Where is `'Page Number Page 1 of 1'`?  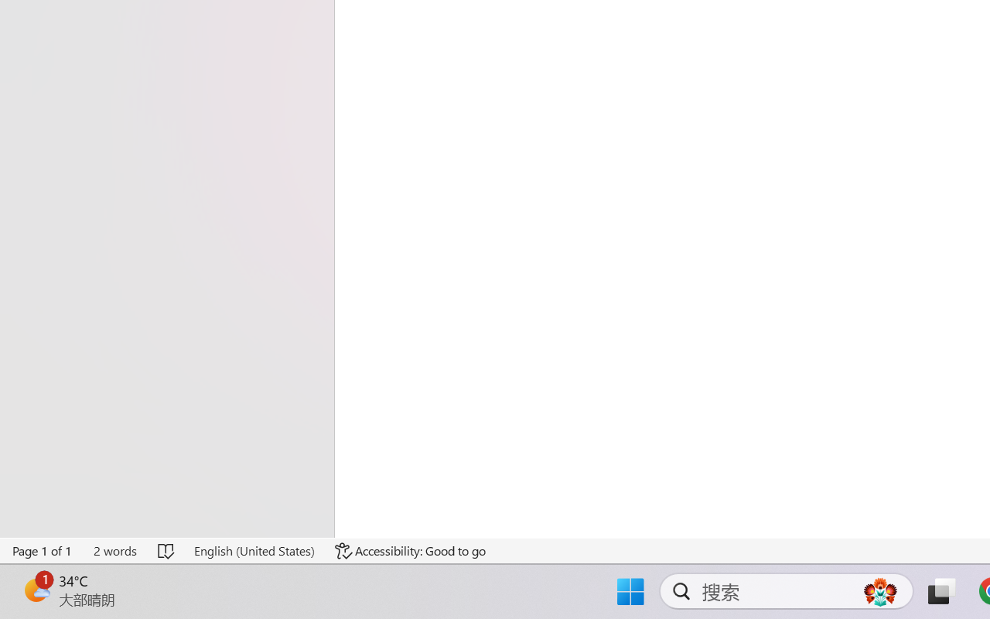
'Page Number Page 1 of 1' is located at coordinates (43, 550).